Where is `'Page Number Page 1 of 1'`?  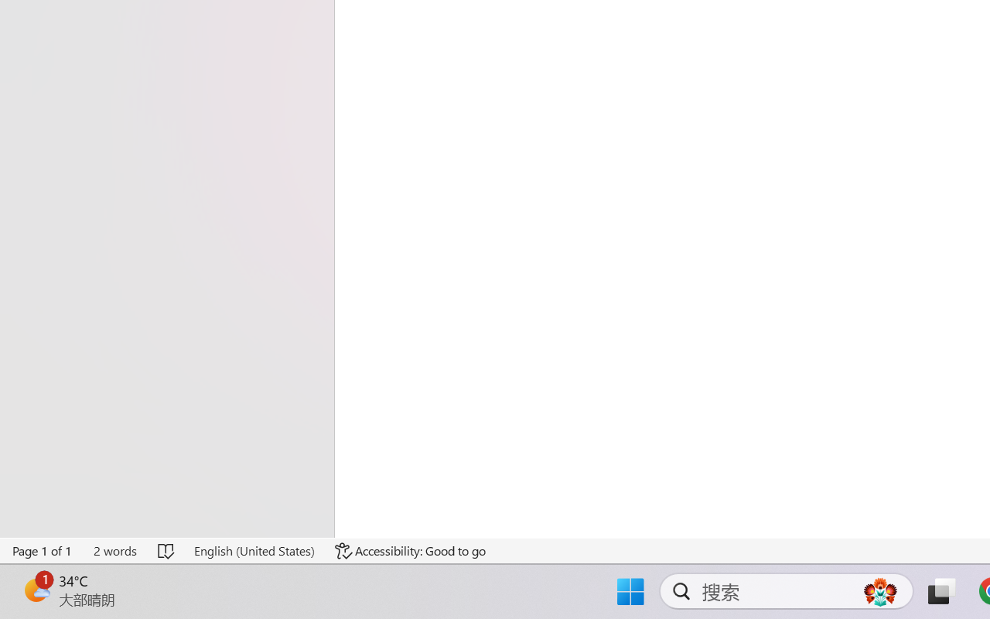
'Page Number Page 1 of 1' is located at coordinates (43, 550).